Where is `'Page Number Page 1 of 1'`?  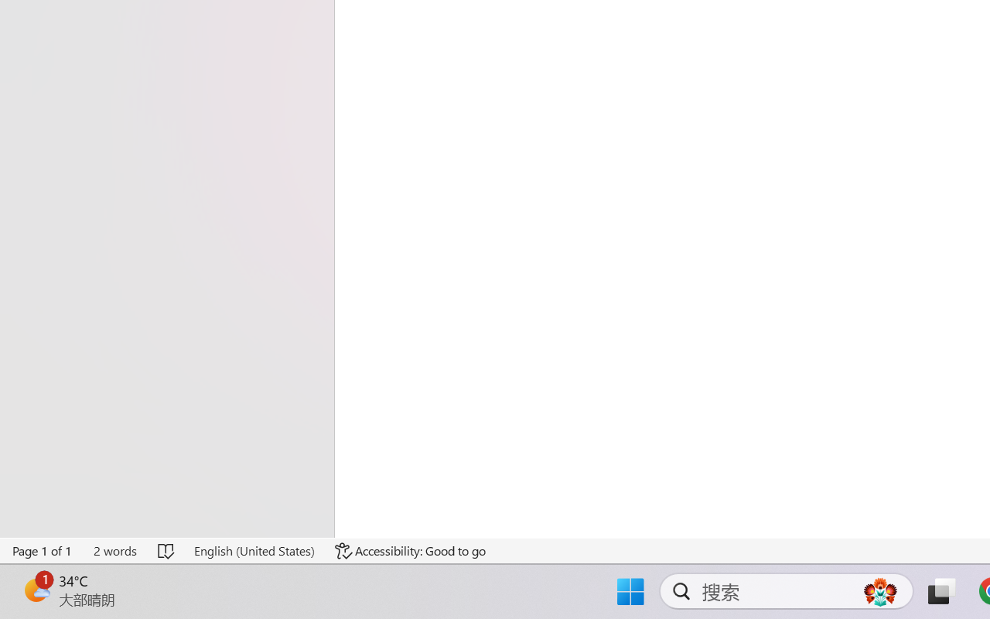
'Page Number Page 1 of 1' is located at coordinates (43, 550).